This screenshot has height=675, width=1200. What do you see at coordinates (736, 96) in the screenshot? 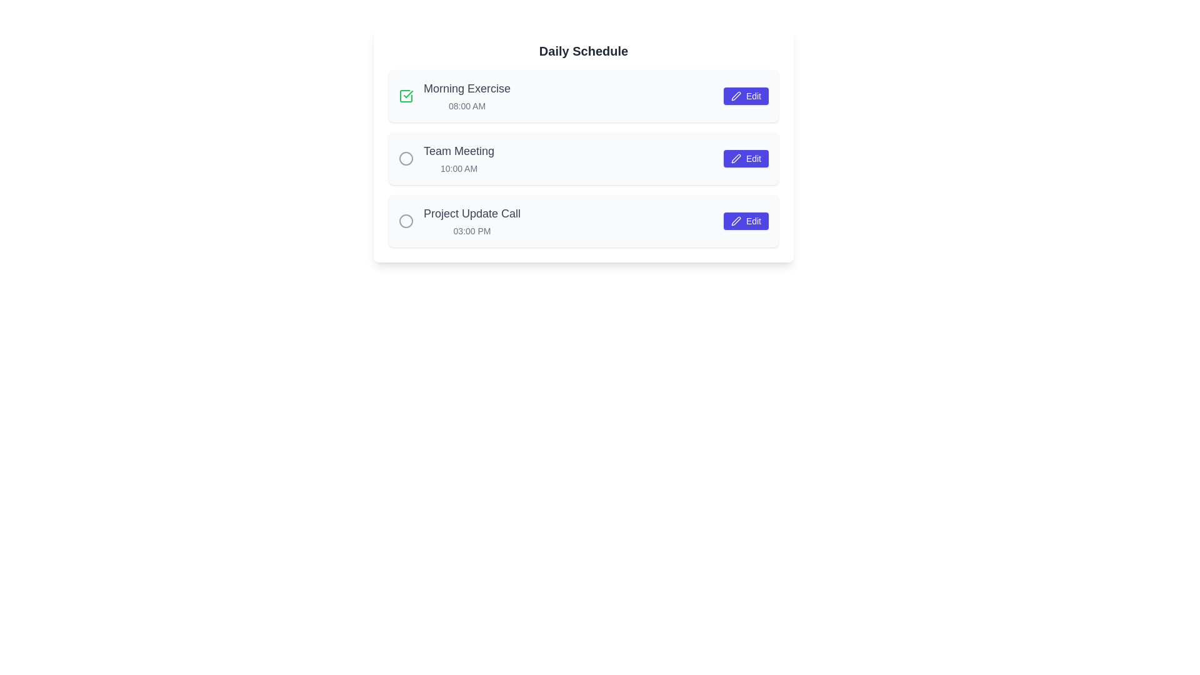
I see `the white pen icon located within the purple 'Edit' button in the first row of the 'Morning Exercise' list under the 'Daily Schedule' section` at bounding box center [736, 96].